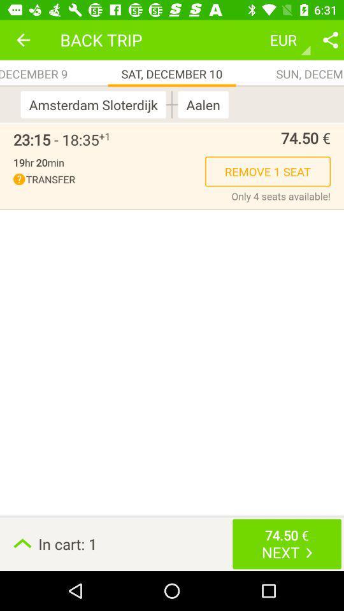 This screenshot has width=344, height=611. I want to click on the icon below 23 15 18 icon, so click(38, 162).